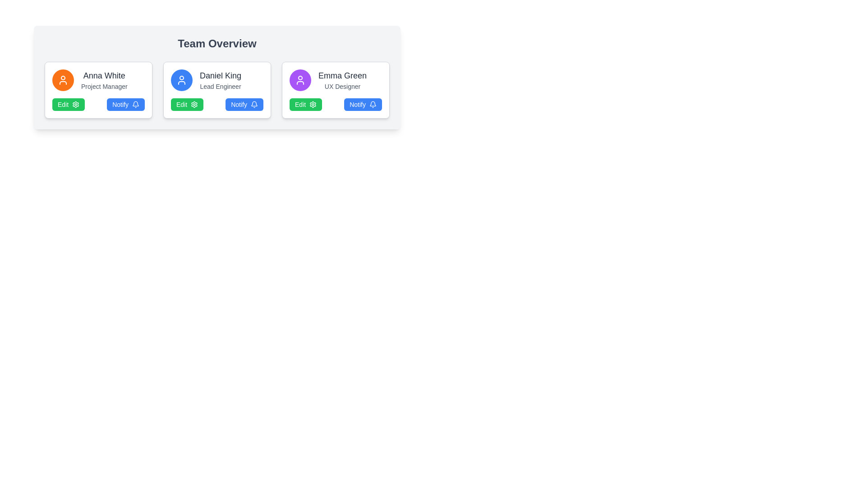 The width and height of the screenshot is (866, 487). Describe the element at coordinates (194, 104) in the screenshot. I see `the settings icon located under the 'Edit' button in the profile card of 'Daniel King'` at that location.